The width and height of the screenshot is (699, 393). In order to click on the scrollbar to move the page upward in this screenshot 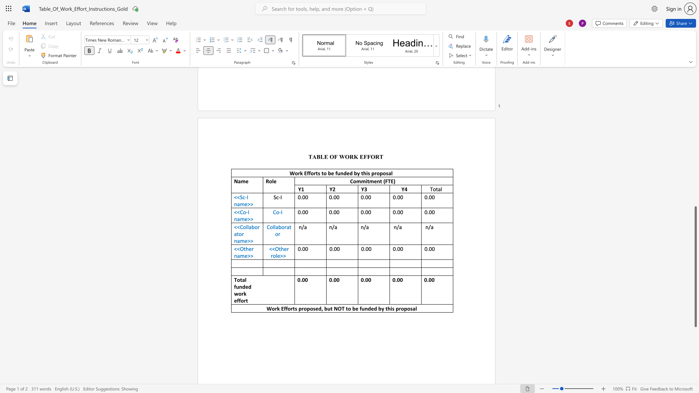, I will do `click(695, 192)`.